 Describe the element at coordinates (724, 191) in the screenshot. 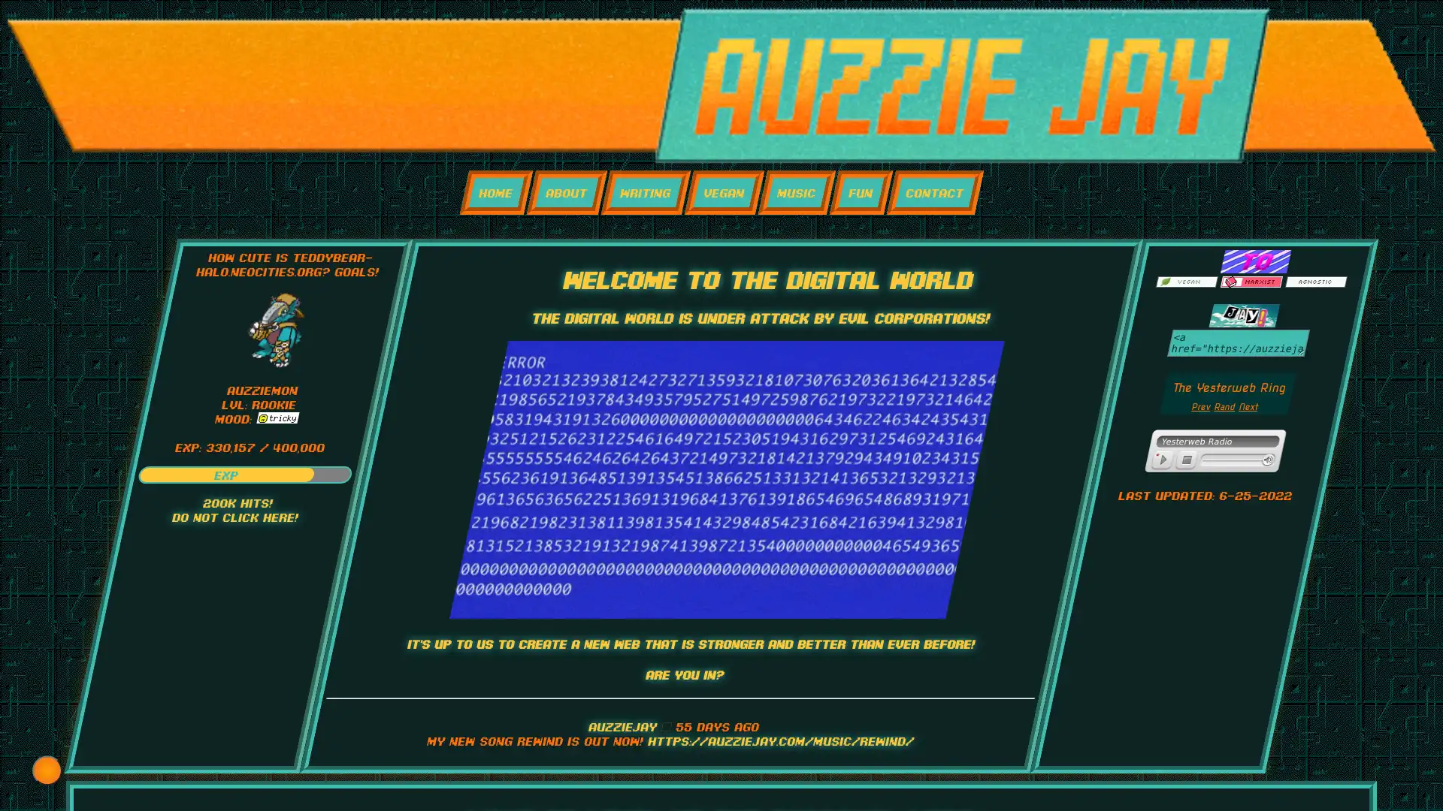

I see `VEGAN` at that location.